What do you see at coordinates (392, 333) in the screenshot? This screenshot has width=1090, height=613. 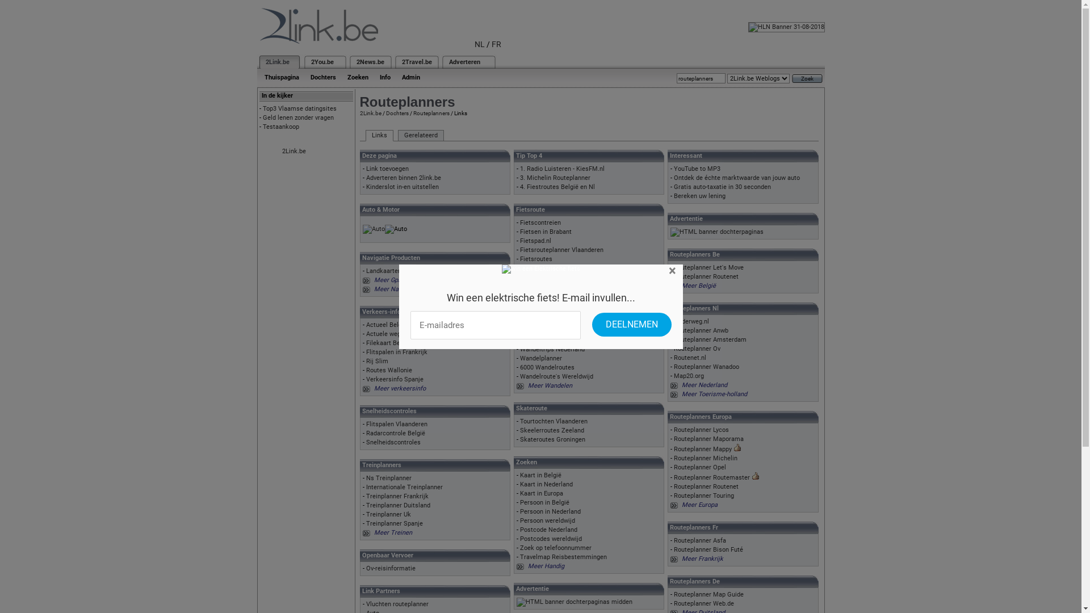 I see `'Actuele wegeninfo'` at bounding box center [392, 333].